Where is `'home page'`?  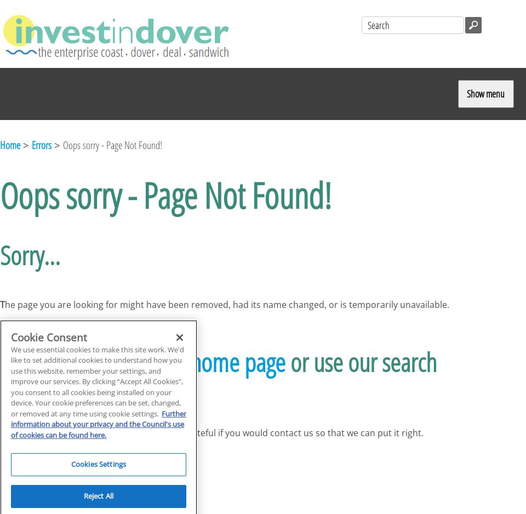 'home page' is located at coordinates (238, 361).